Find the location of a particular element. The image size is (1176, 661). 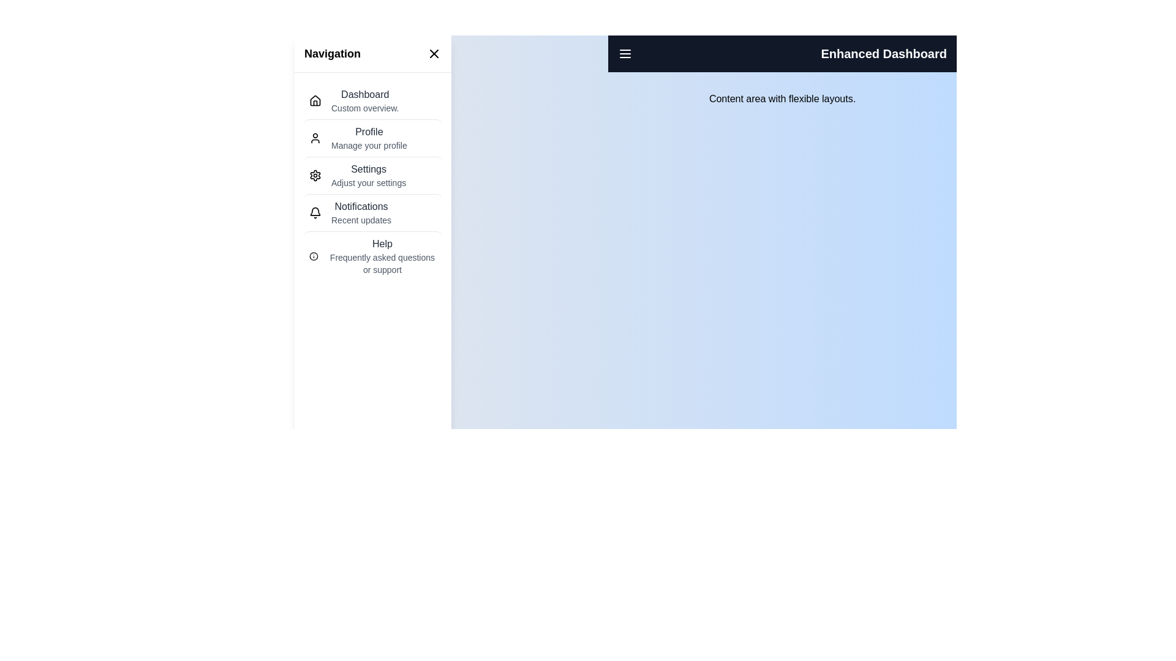

the Navigation Panel located in the left sidebar below the 'Navigation' header is located at coordinates (372, 182).